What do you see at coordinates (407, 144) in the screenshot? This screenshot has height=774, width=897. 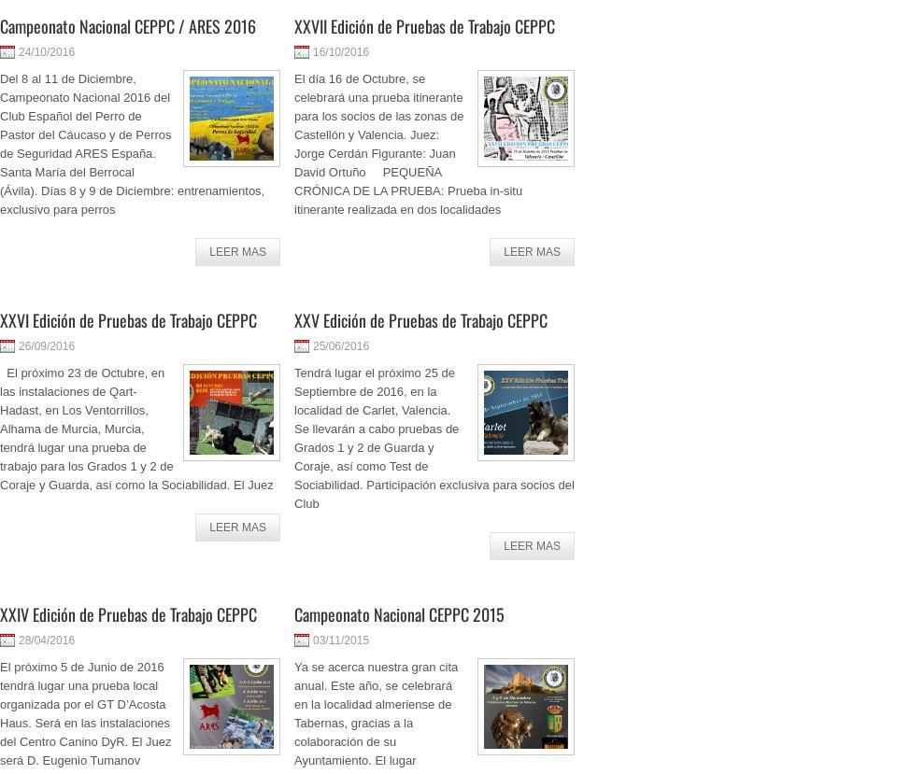 I see `'El día 16 de Octubre, se celebrará una prueba itinerante para los socios de las zonas de Castellón y Valencia. Juez: Jorge Cerdán Figurante: Juan David Ortuño     PEQUEÑA CRÓNICA DE LA PRUEBA: Prueba in-situ itinerante realizada en dos localidades'` at bounding box center [407, 144].